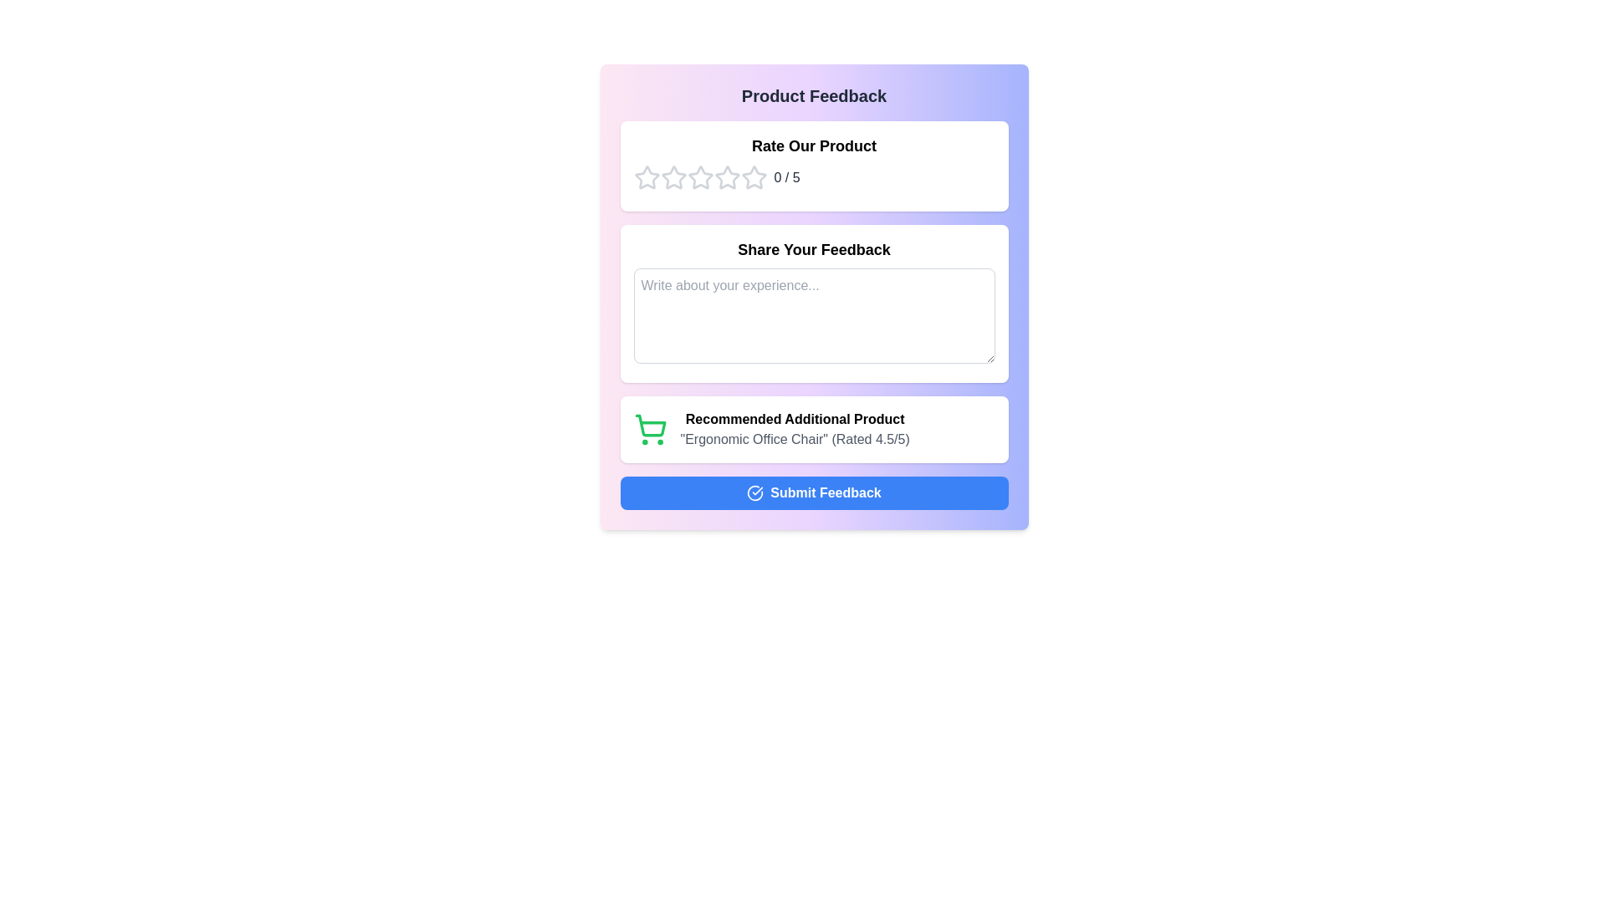  Describe the element at coordinates (794, 438) in the screenshot. I see `text label displaying 'Ergonomic Office Chair' (Rated 4.5/5) located below 'Recommended Additional Product'` at that location.